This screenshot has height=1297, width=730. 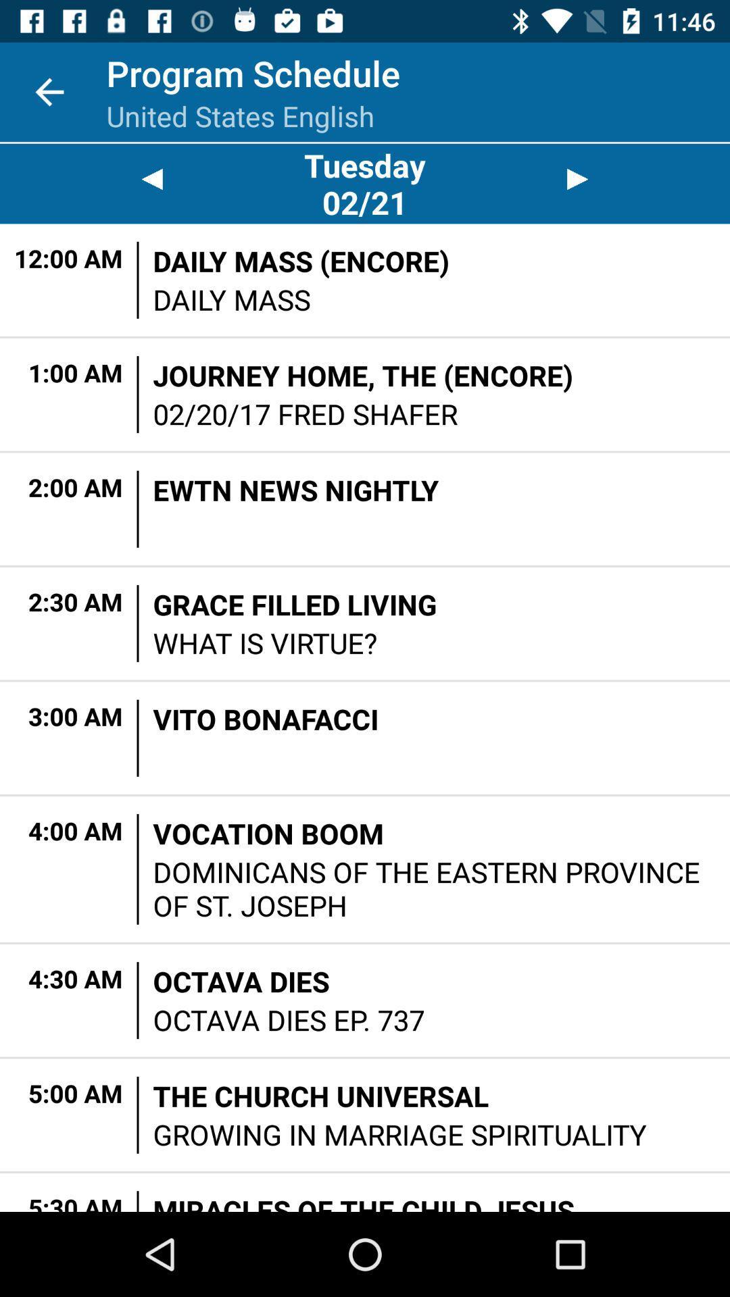 What do you see at coordinates (399, 1134) in the screenshot?
I see `item above the miracles of the icon` at bounding box center [399, 1134].